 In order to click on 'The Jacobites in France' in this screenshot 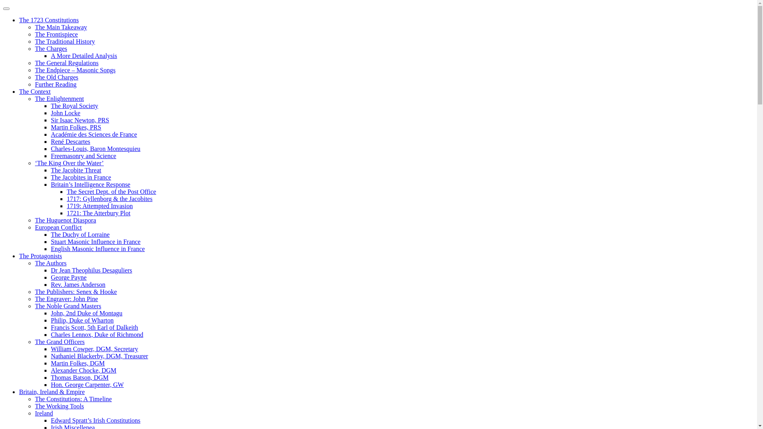, I will do `click(81, 177)`.